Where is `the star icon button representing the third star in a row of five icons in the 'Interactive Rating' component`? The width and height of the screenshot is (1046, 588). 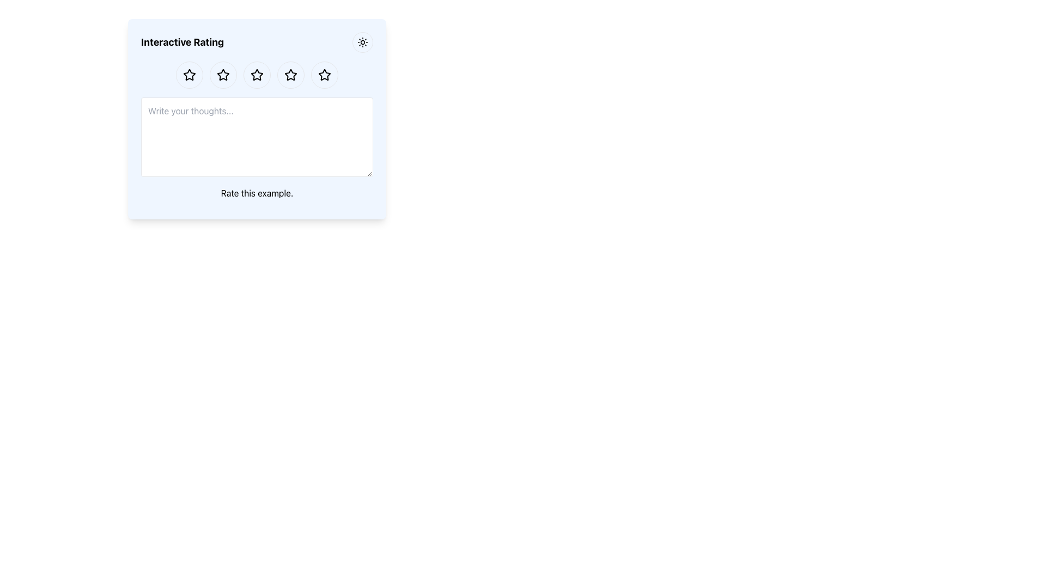 the star icon button representing the third star in a row of five icons in the 'Interactive Rating' component is located at coordinates (256, 75).